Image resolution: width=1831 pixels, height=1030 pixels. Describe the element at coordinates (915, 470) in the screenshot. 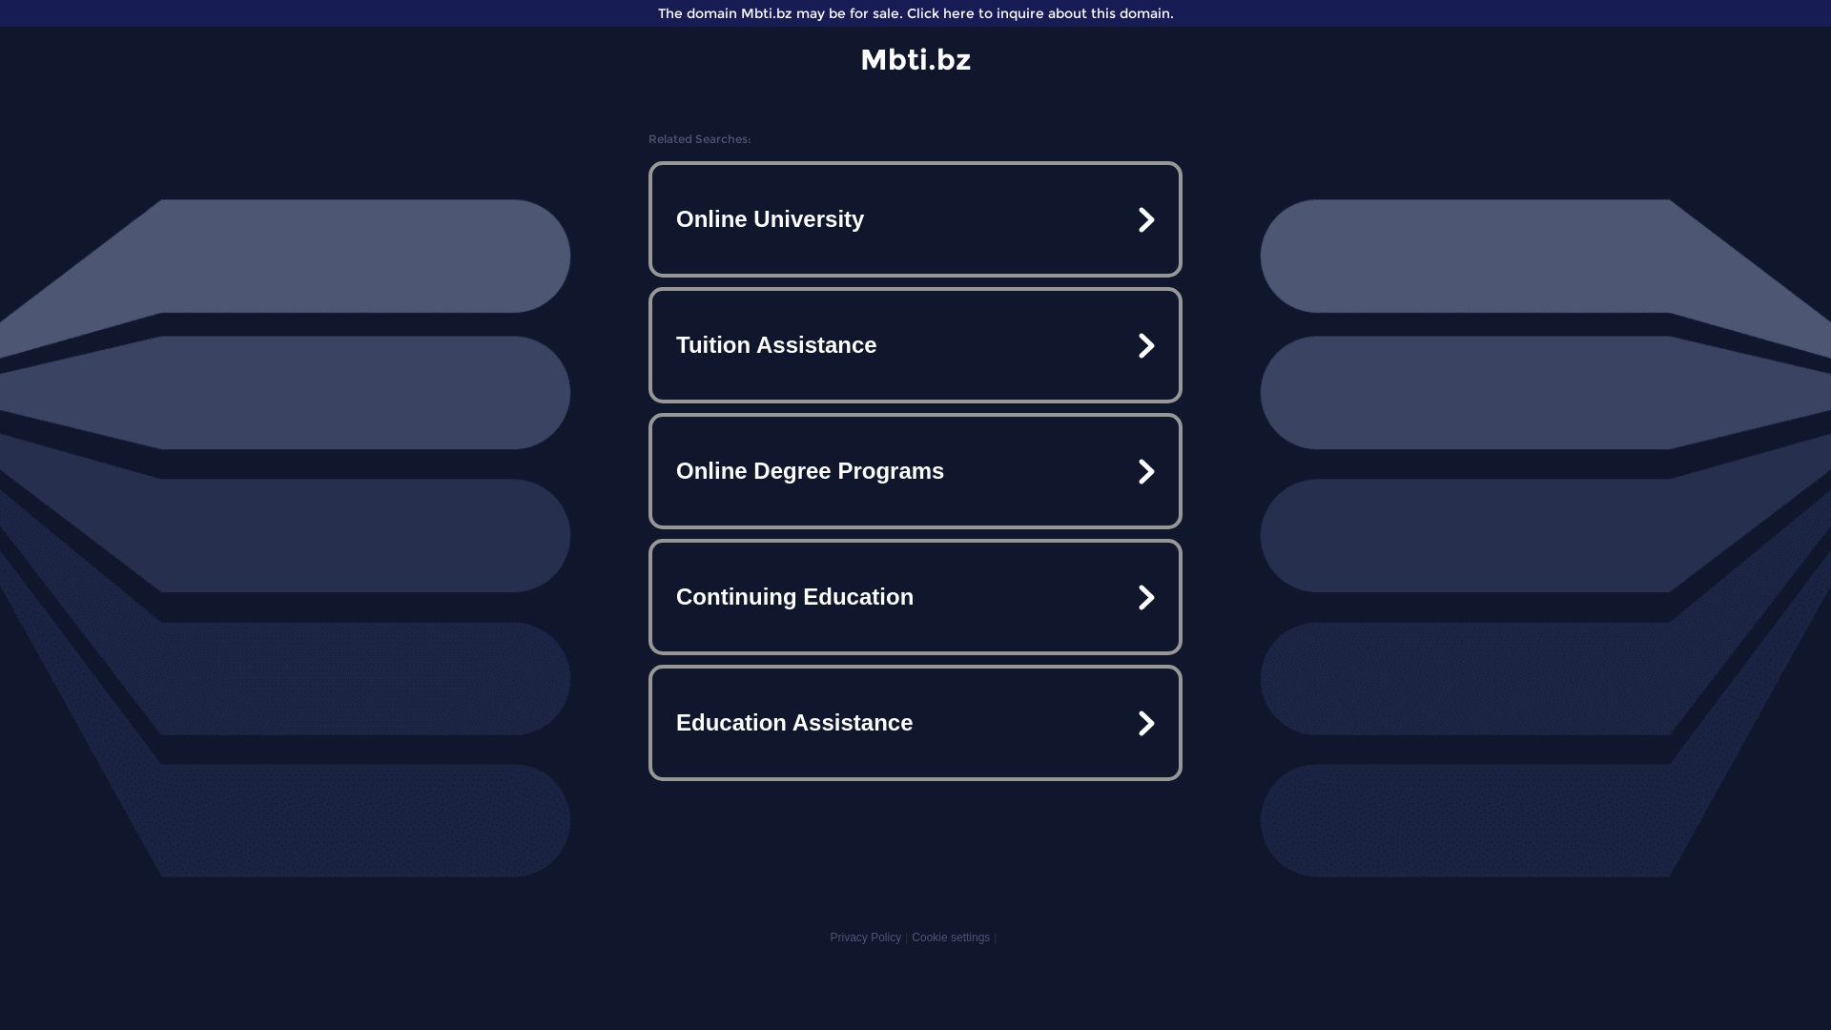

I see `'Online Degree Programs'` at that location.